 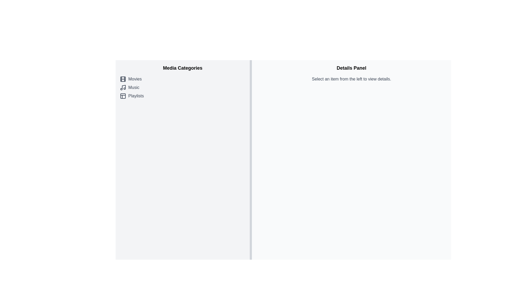 I want to click on the 'Music' category icon located in the left-hand media navigation panel, so click(x=123, y=87).